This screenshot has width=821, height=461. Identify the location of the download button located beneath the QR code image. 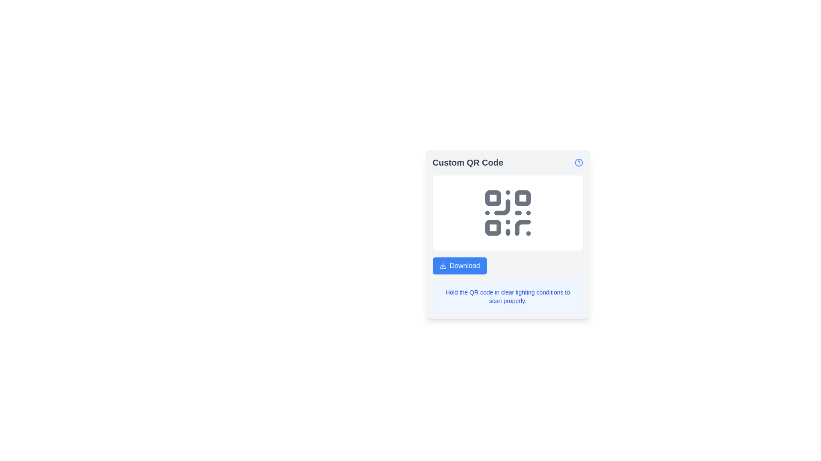
(508, 266).